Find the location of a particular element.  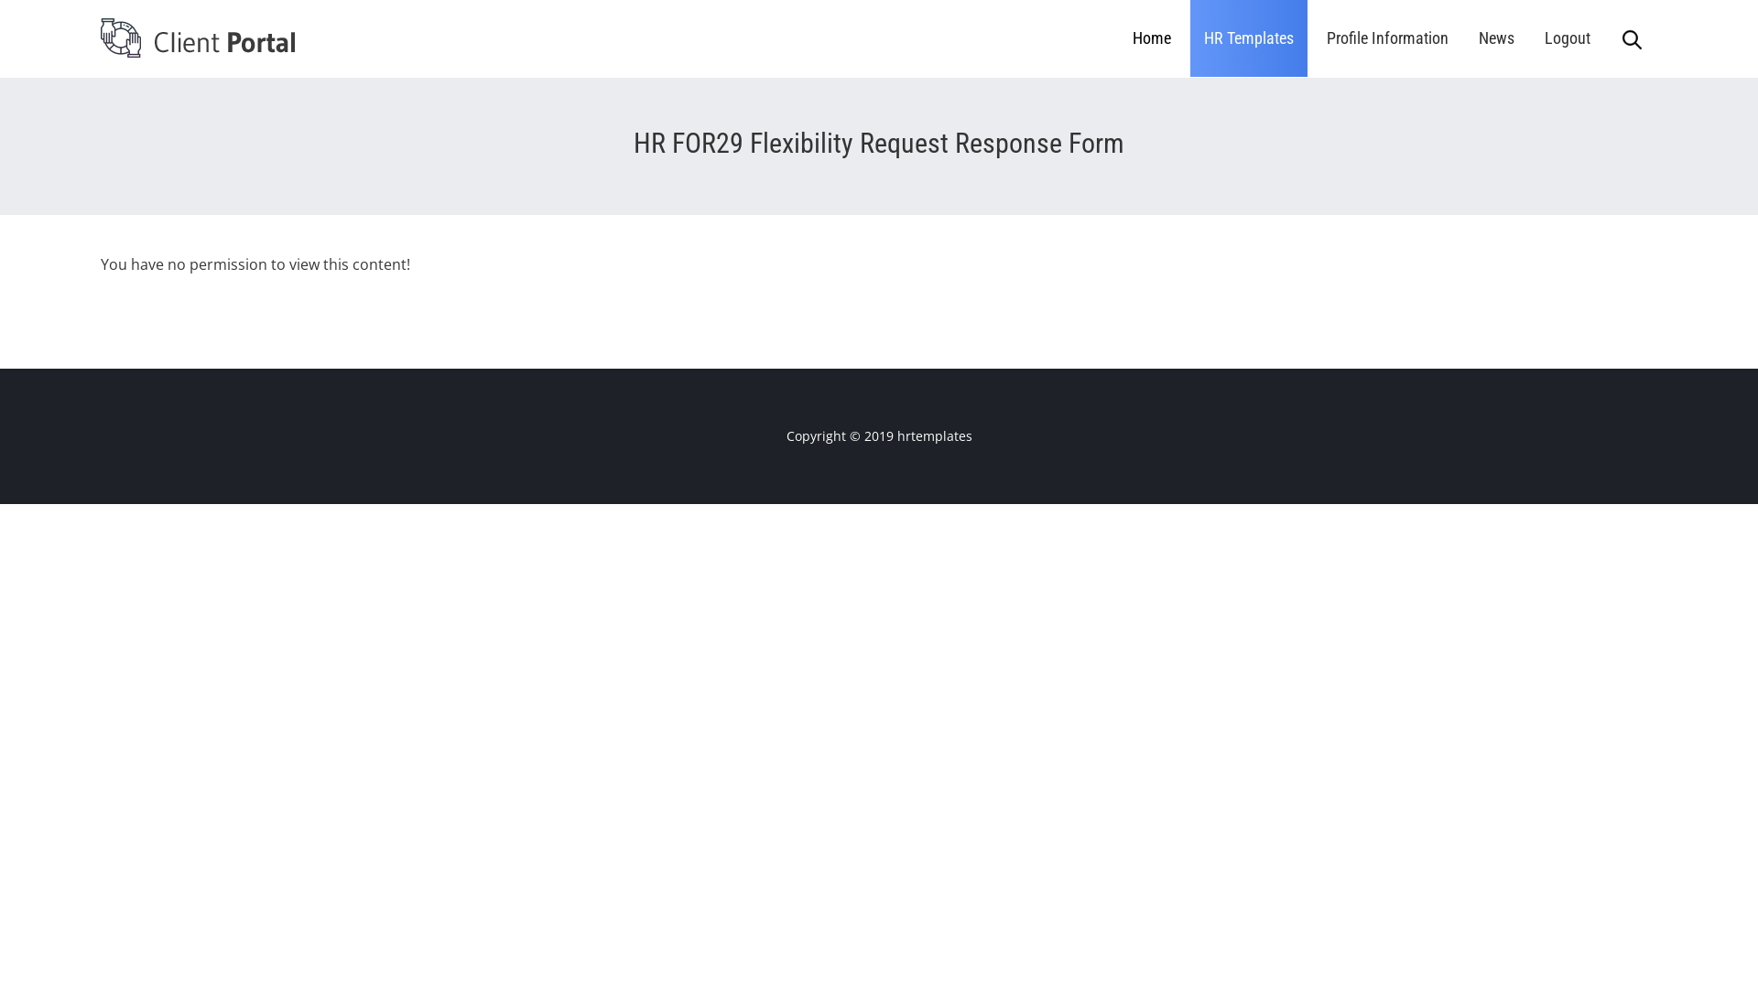

'Profile Information' is located at coordinates (1387, 38).